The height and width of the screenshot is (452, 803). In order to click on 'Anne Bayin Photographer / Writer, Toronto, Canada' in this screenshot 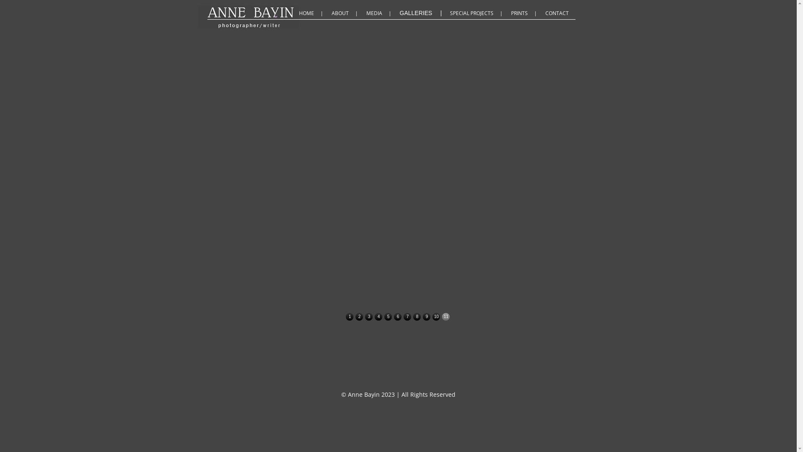, I will do `click(321, 11)`.